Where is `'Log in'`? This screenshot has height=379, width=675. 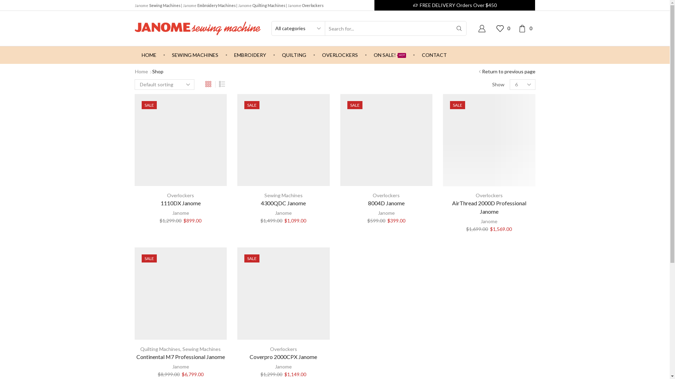 'Log in' is located at coordinates (432, 142).